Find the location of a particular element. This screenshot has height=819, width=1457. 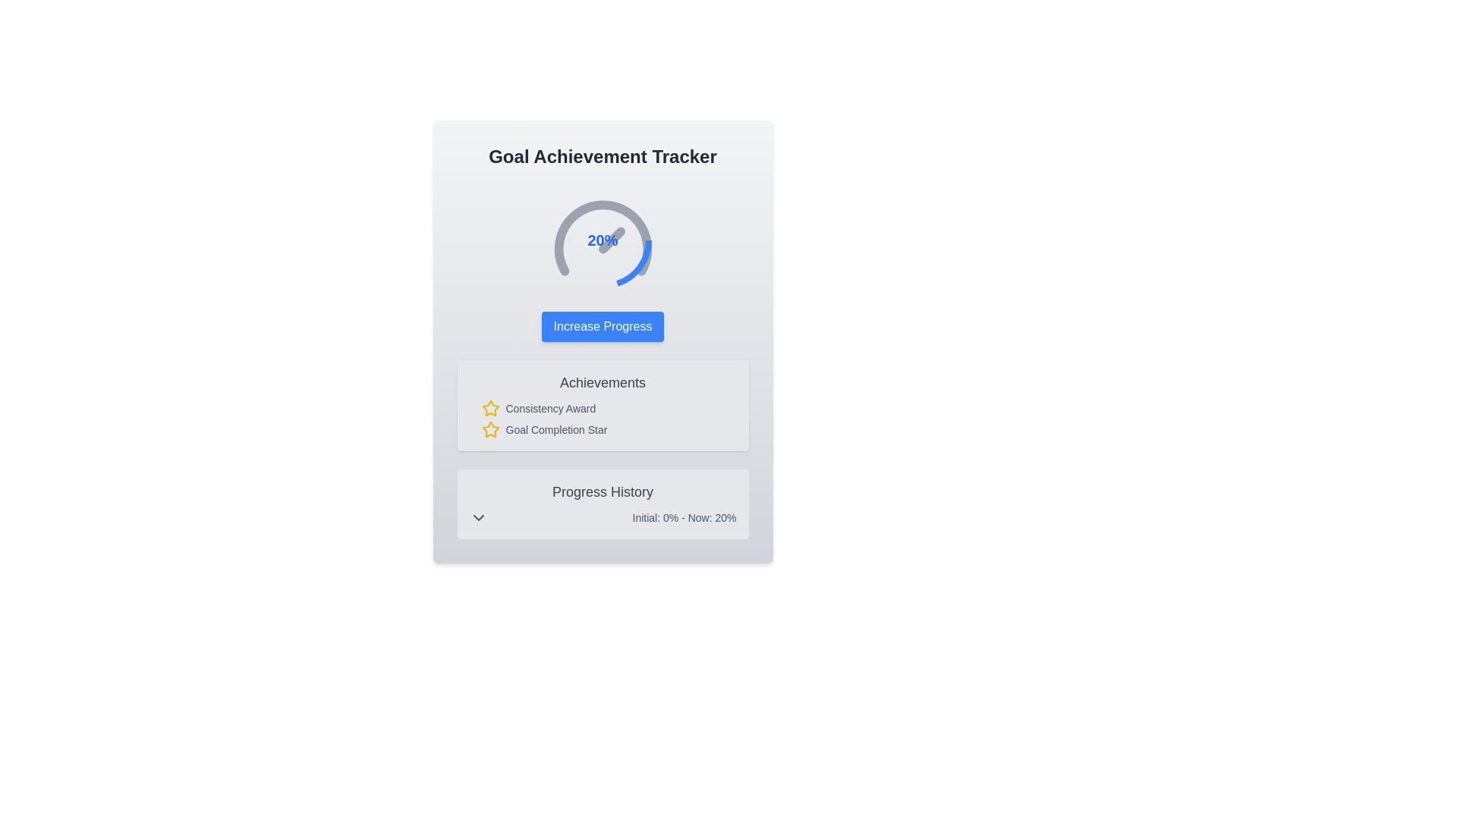

progress details displayed in the Information Display Panel located at the bottom of the 'Goal Achievement Tracker' under the 'Achievements' section is located at coordinates (602, 504).